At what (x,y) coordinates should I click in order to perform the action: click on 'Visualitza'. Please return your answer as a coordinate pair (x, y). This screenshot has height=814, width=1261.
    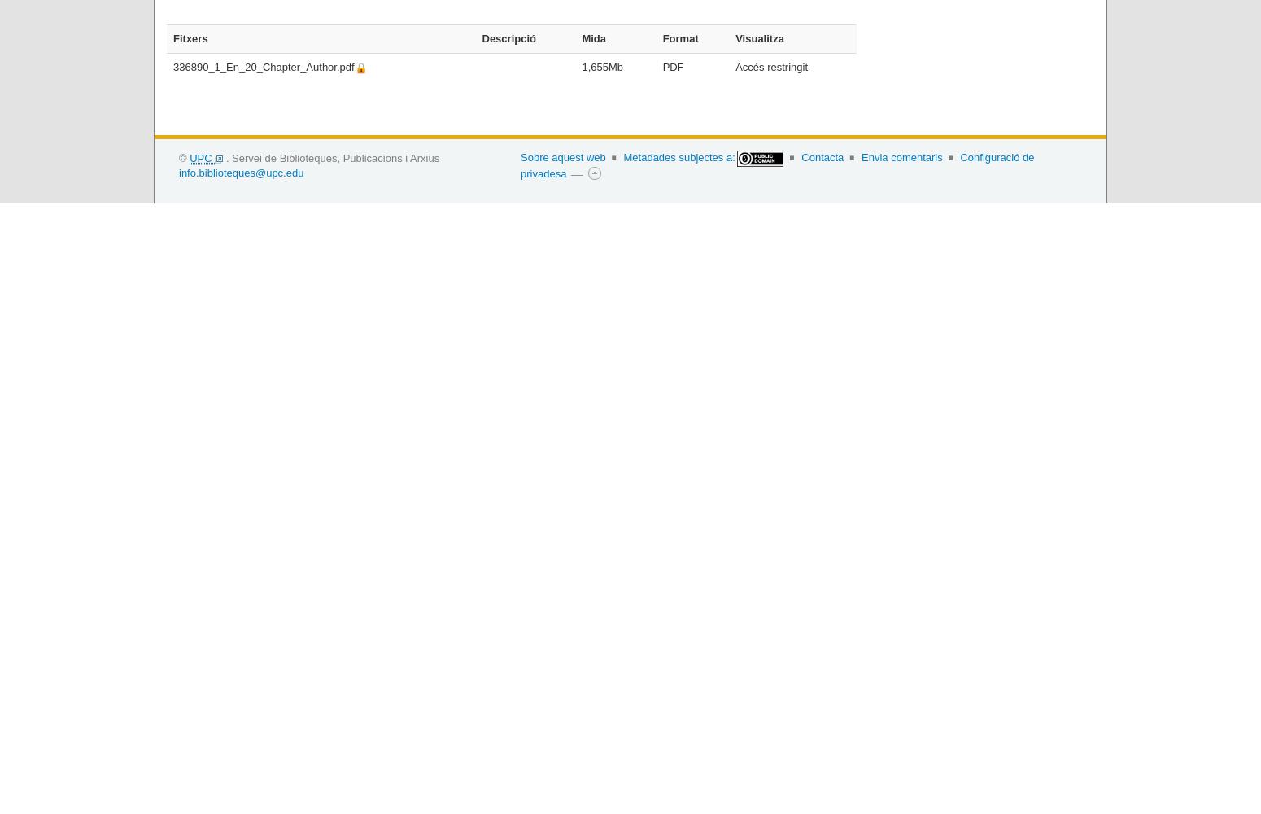
    Looking at the image, I should click on (758, 37).